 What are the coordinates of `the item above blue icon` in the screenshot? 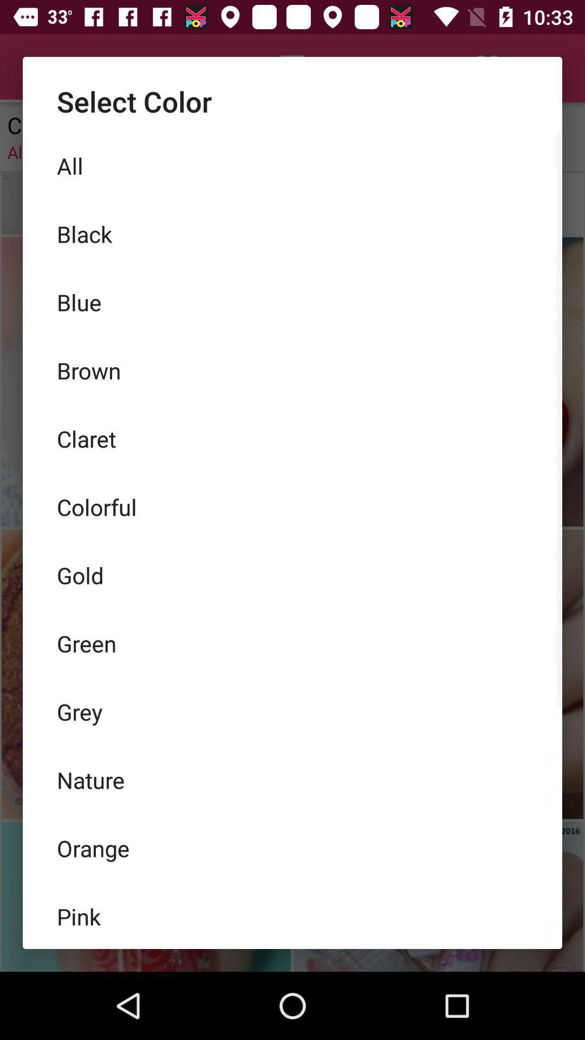 It's located at (292, 233).